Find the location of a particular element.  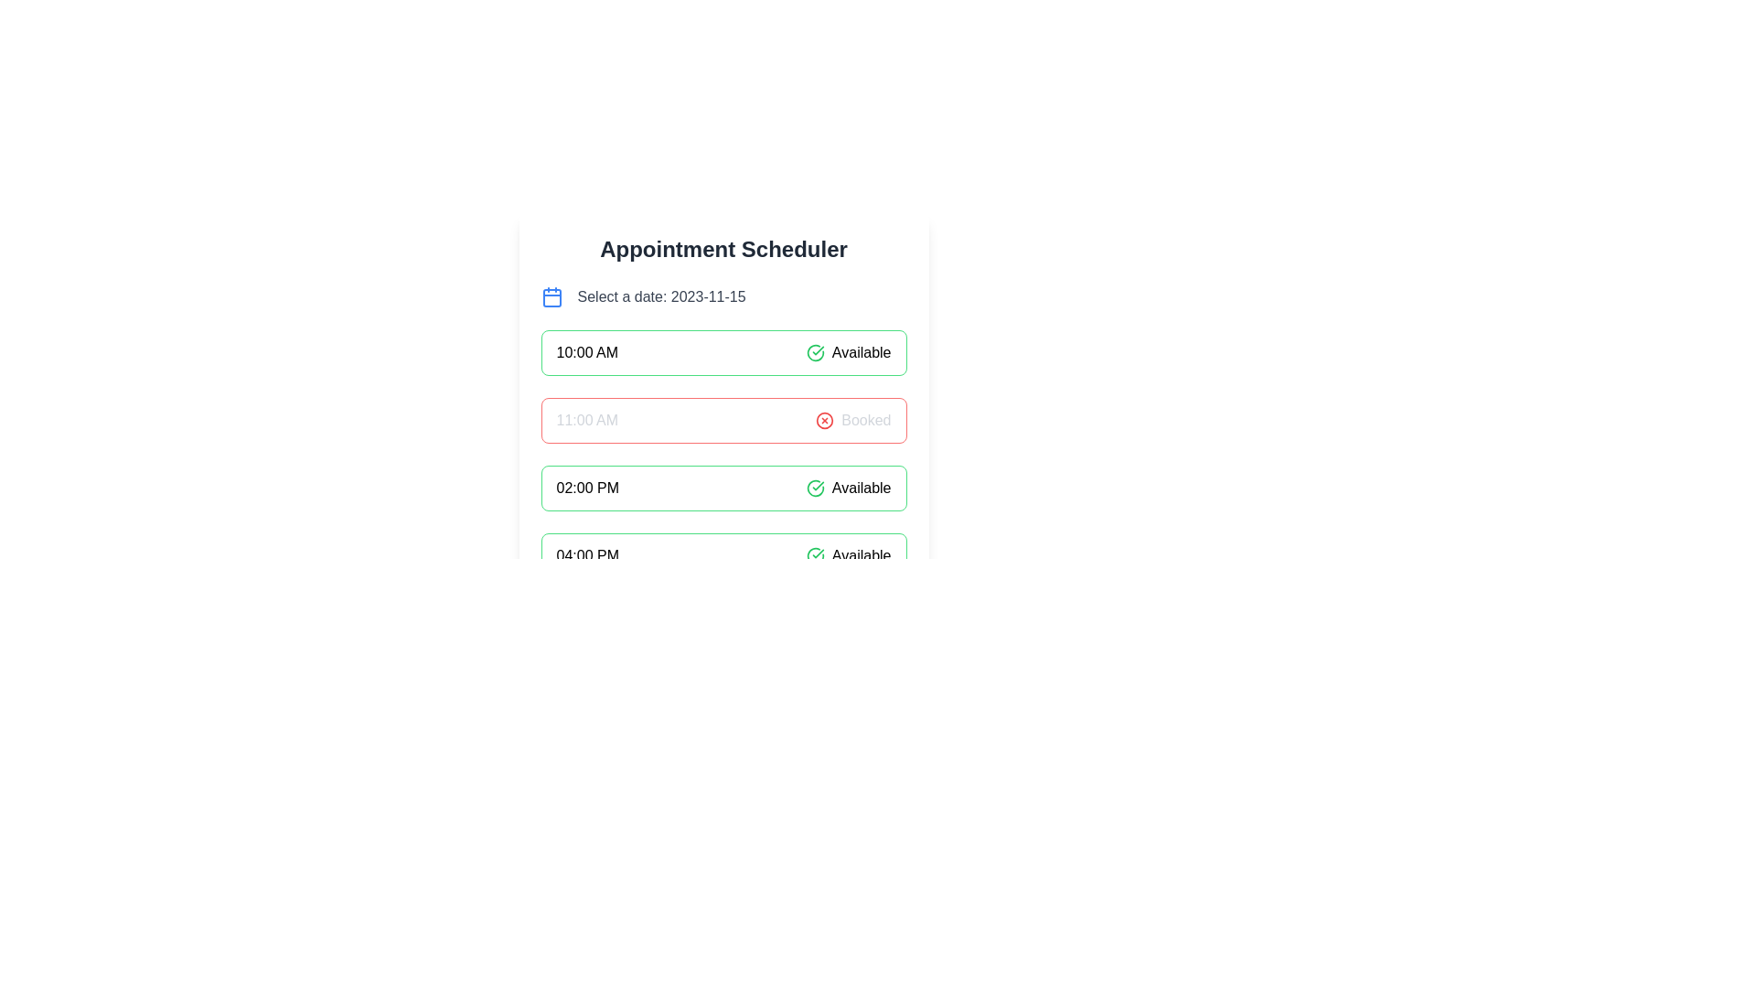

the blue calendar icon located to the left of the text 'Select a date: 2023-11-15' in the header section above the time slots is located at coordinates (551, 295).